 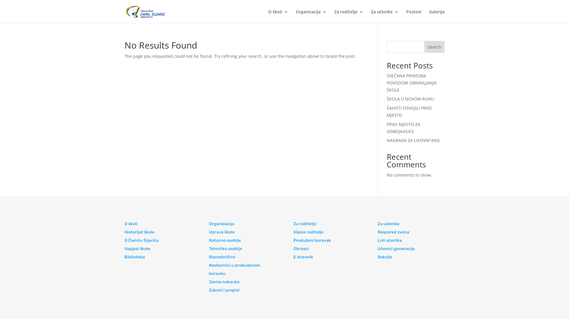 I want to click on 'Javne nabavke', so click(x=224, y=281).